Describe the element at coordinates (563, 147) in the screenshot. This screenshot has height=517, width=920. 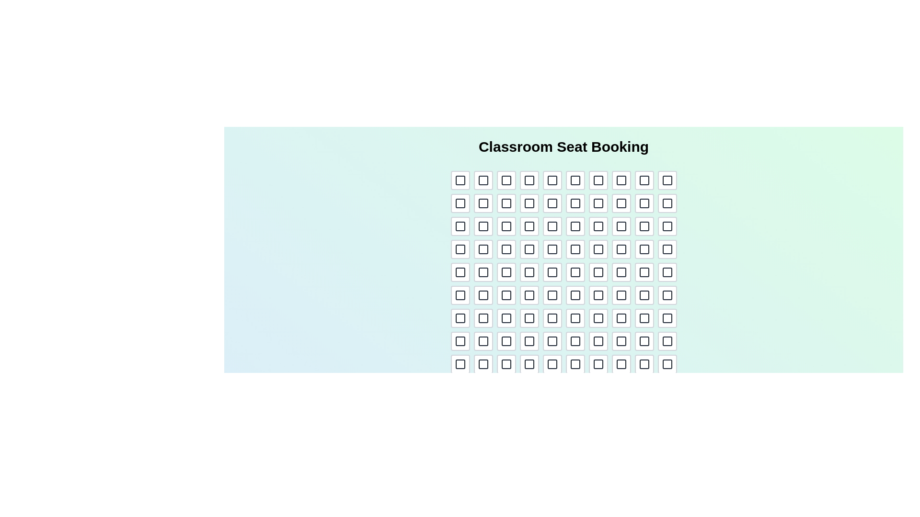
I see `the title text 'Classroom Seat Booking'` at that location.